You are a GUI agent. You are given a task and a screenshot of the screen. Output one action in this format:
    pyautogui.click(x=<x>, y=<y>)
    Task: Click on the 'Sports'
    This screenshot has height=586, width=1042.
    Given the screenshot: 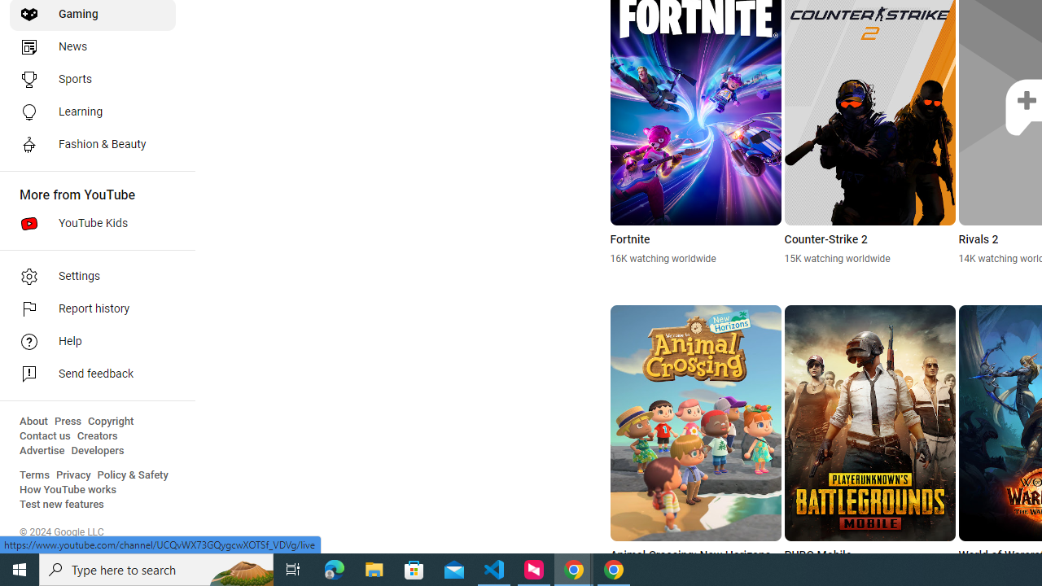 What is the action you would take?
    pyautogui.click(x=91, y=79)
    